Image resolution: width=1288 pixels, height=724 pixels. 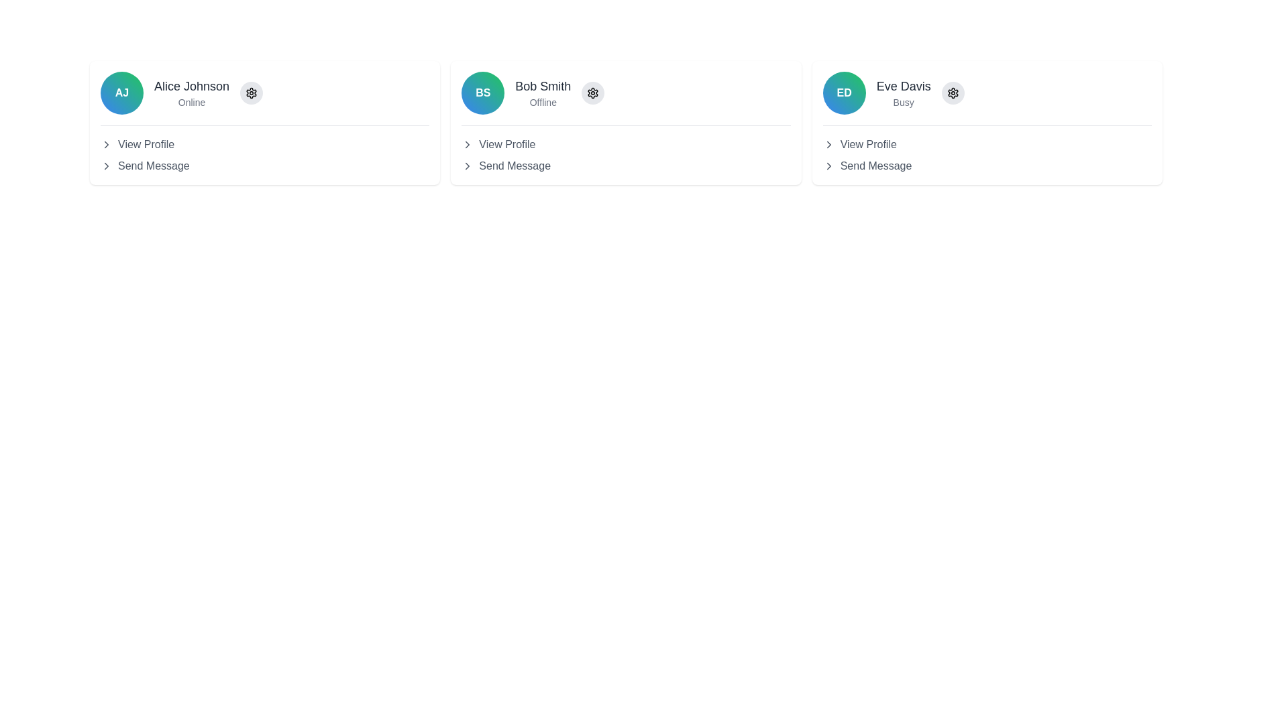 I want to click on text label displaying the name 'Alice Johnson' located centrally within the top-left user card, adjacent to the avatar 'AJ' and above the status text 'Online', so click(x=191, y=86).